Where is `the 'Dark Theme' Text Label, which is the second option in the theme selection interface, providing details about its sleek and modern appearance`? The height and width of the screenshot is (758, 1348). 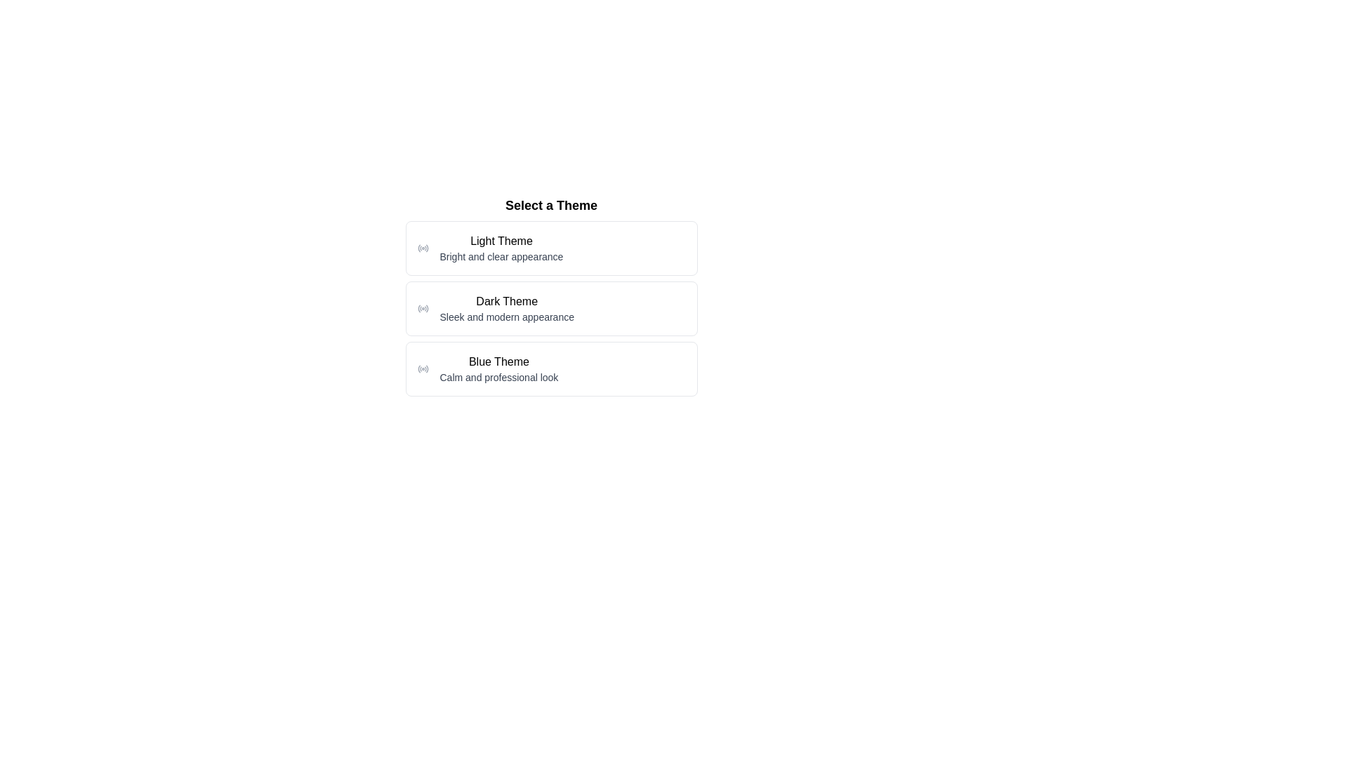 the 'Dark Theme' Text Label, which is the second option in the theme selection interface, providing details about its sleek and modern appearance is located at coordinates (506, 307).